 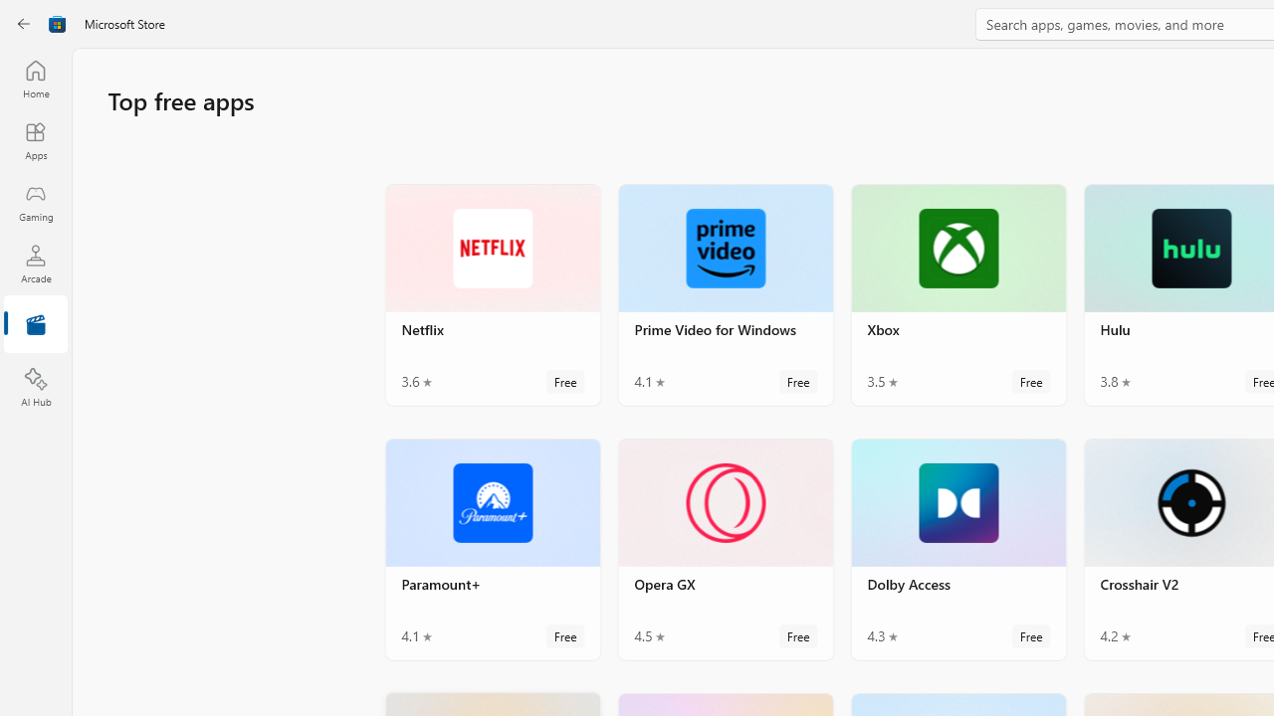 I want to click on 'Class: Image', so click(x=58, y=24).